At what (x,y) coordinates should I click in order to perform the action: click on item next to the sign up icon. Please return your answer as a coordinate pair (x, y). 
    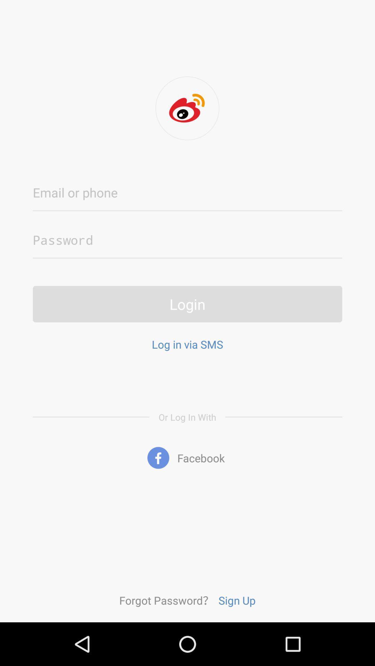
    Looking at the image, I should click on (166, 600).